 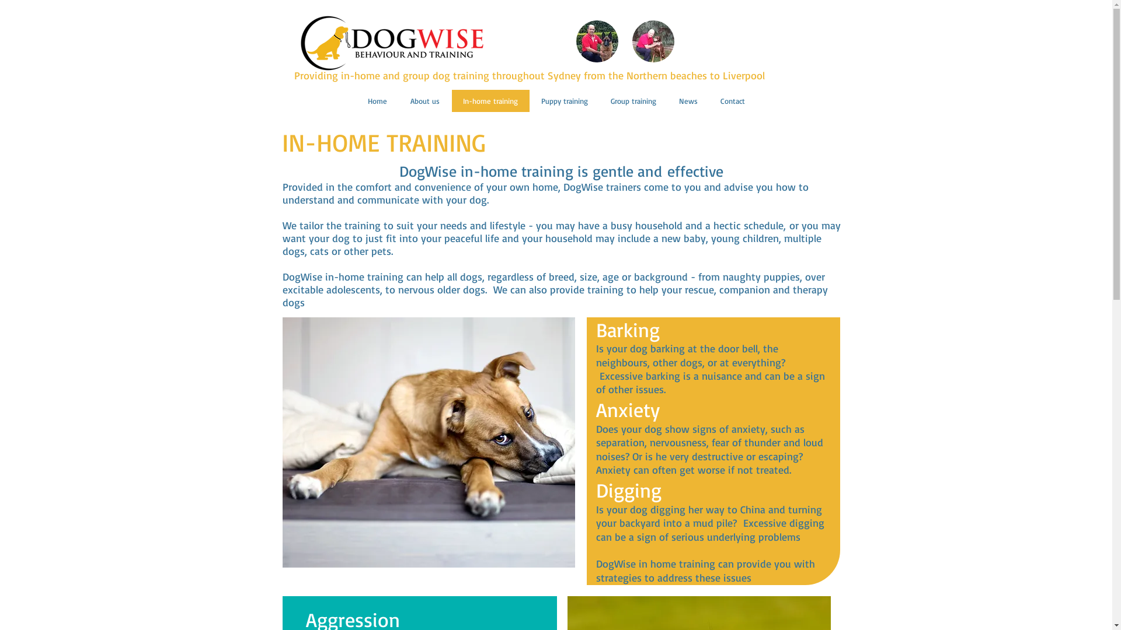 I want to click on 'Puppy training', so click(x=528, y=100).